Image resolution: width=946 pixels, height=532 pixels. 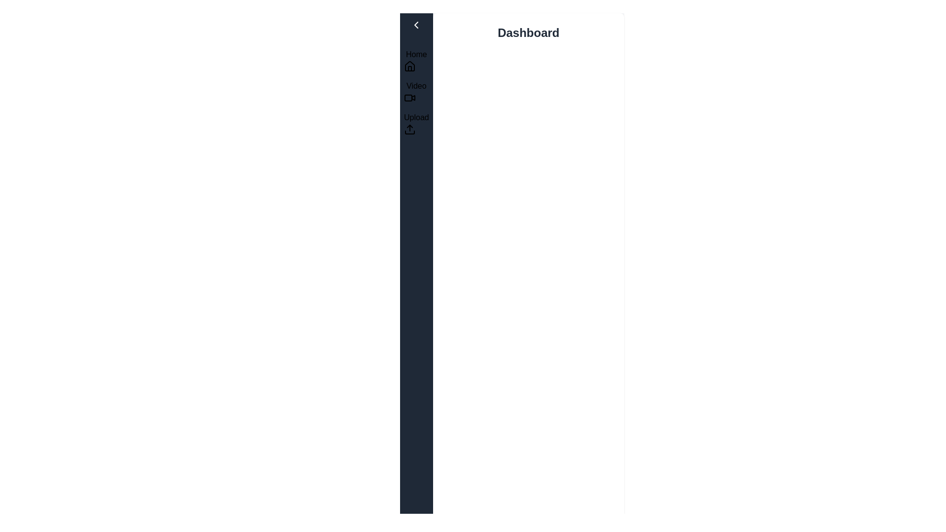 What do you see at coordinates (409, 98) in the screenshot?
I see `the video camera icon button located in the sidebar navigation` at bounding box center [409, 98].